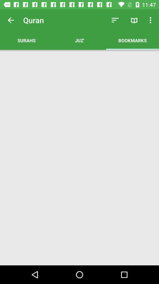 This screenshot has height=284, width=159. Describe the element at coordinates (132, 40) in the screenshot. I see `item next to the juz' app` at that location.